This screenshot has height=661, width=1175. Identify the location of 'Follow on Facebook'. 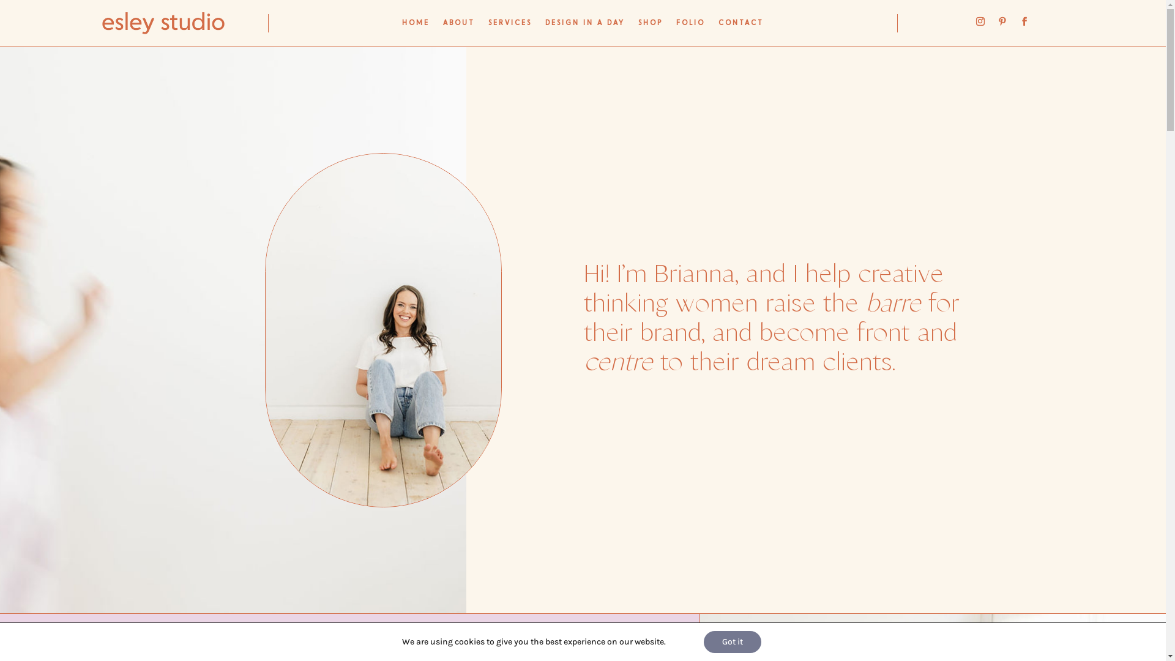
(1024, 21).